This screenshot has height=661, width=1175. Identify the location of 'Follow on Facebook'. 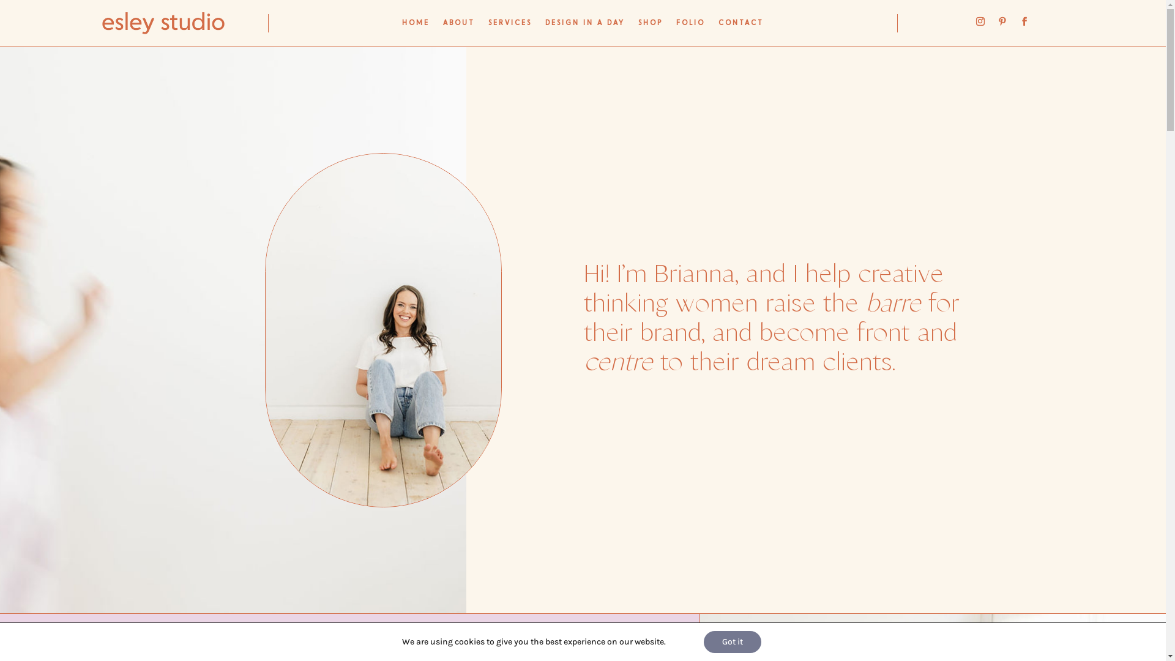
(1024, 21).